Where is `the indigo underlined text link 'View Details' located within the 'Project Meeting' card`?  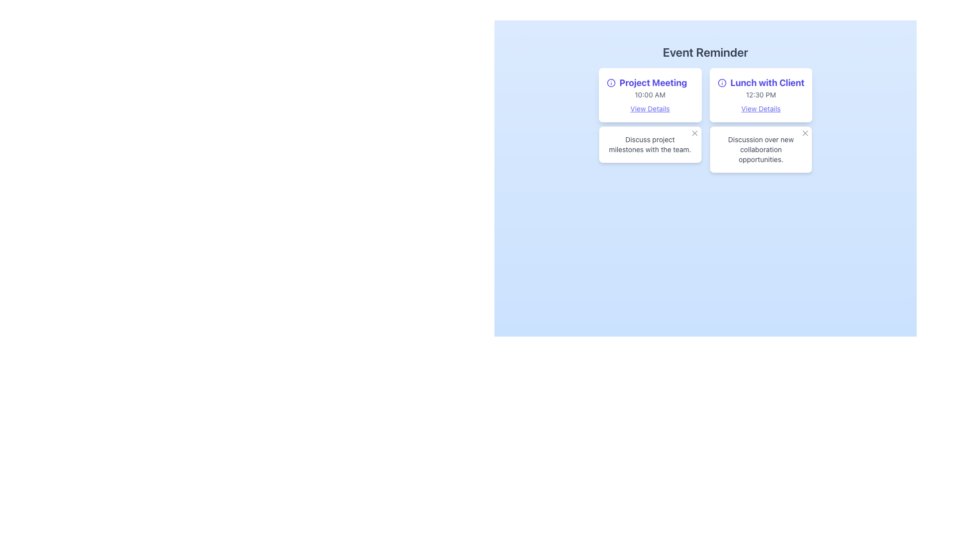 the indigo underlined text link 'View Details' located within the 'Project Meeting' card is located at coordinates (650, 109).